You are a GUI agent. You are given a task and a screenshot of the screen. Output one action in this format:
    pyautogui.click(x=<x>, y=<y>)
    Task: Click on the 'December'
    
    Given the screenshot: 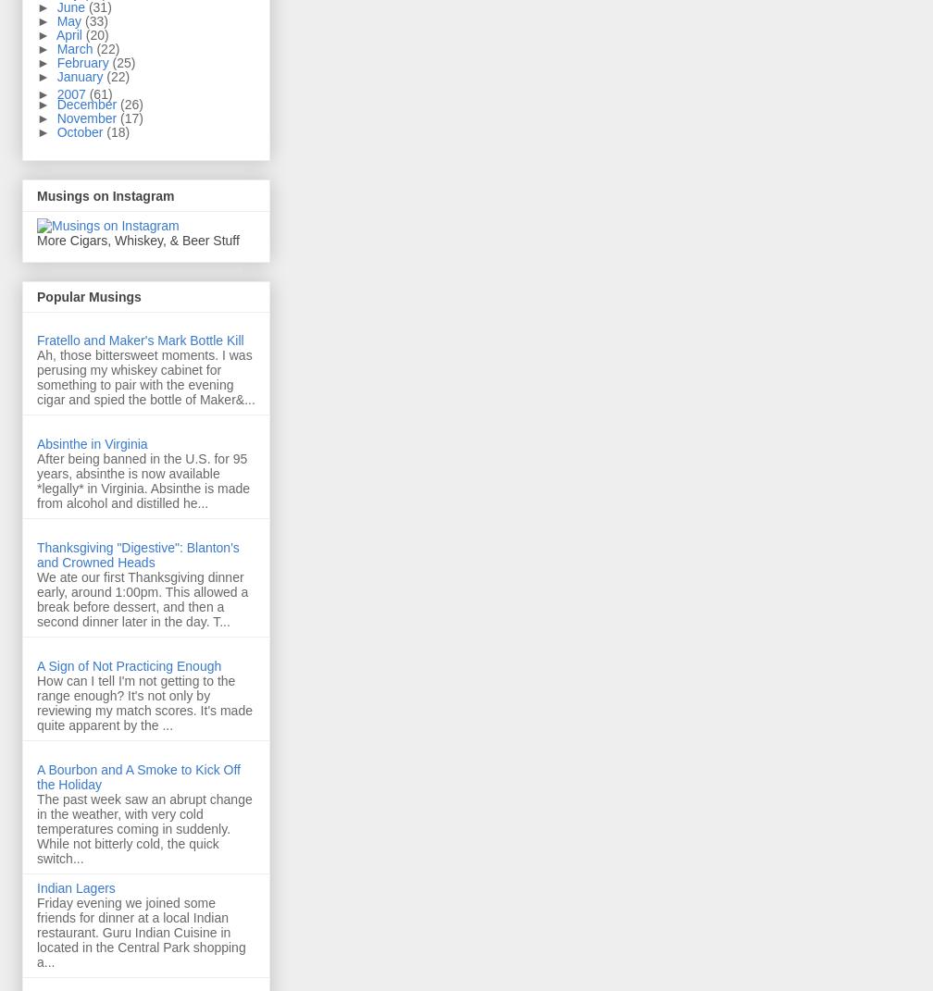 What is the action you would take?
    pyautogui.click(x=88, y=104)
    